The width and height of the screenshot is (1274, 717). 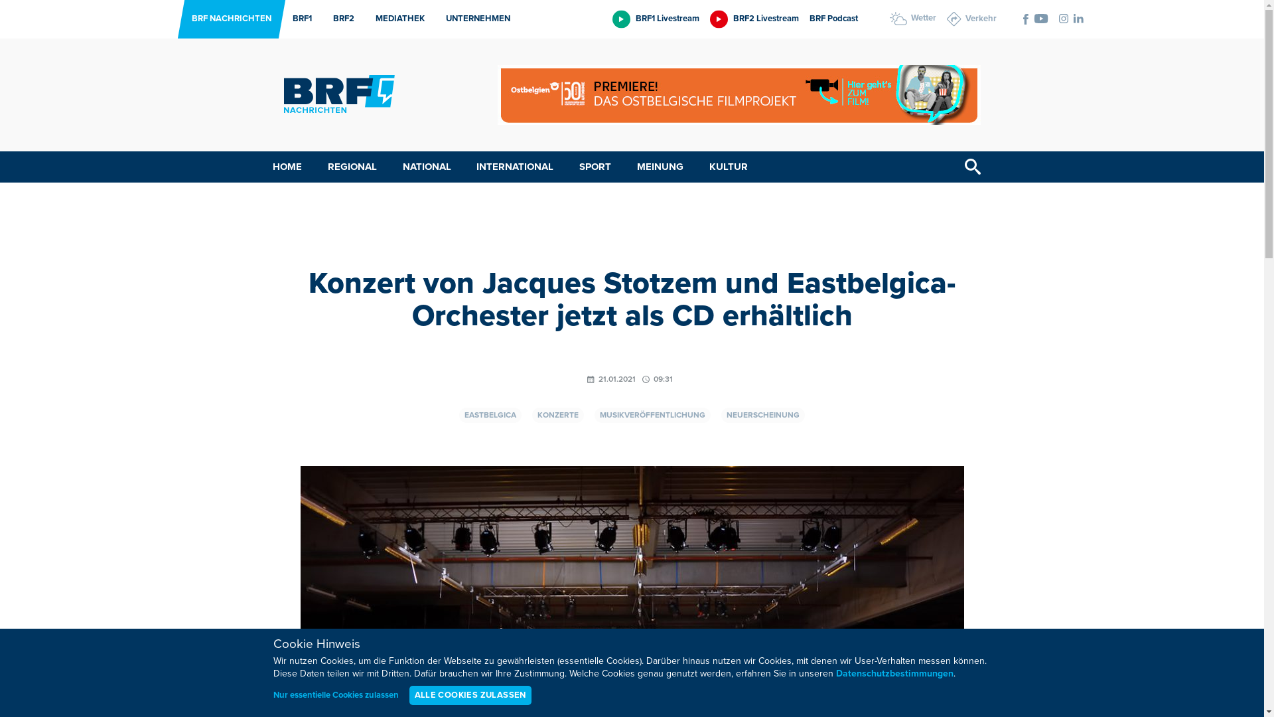 What do you see at coordinates (655, 19) in the screenshot?
I see `'BRF1 Livestream'` at bounding box center [655, 19].